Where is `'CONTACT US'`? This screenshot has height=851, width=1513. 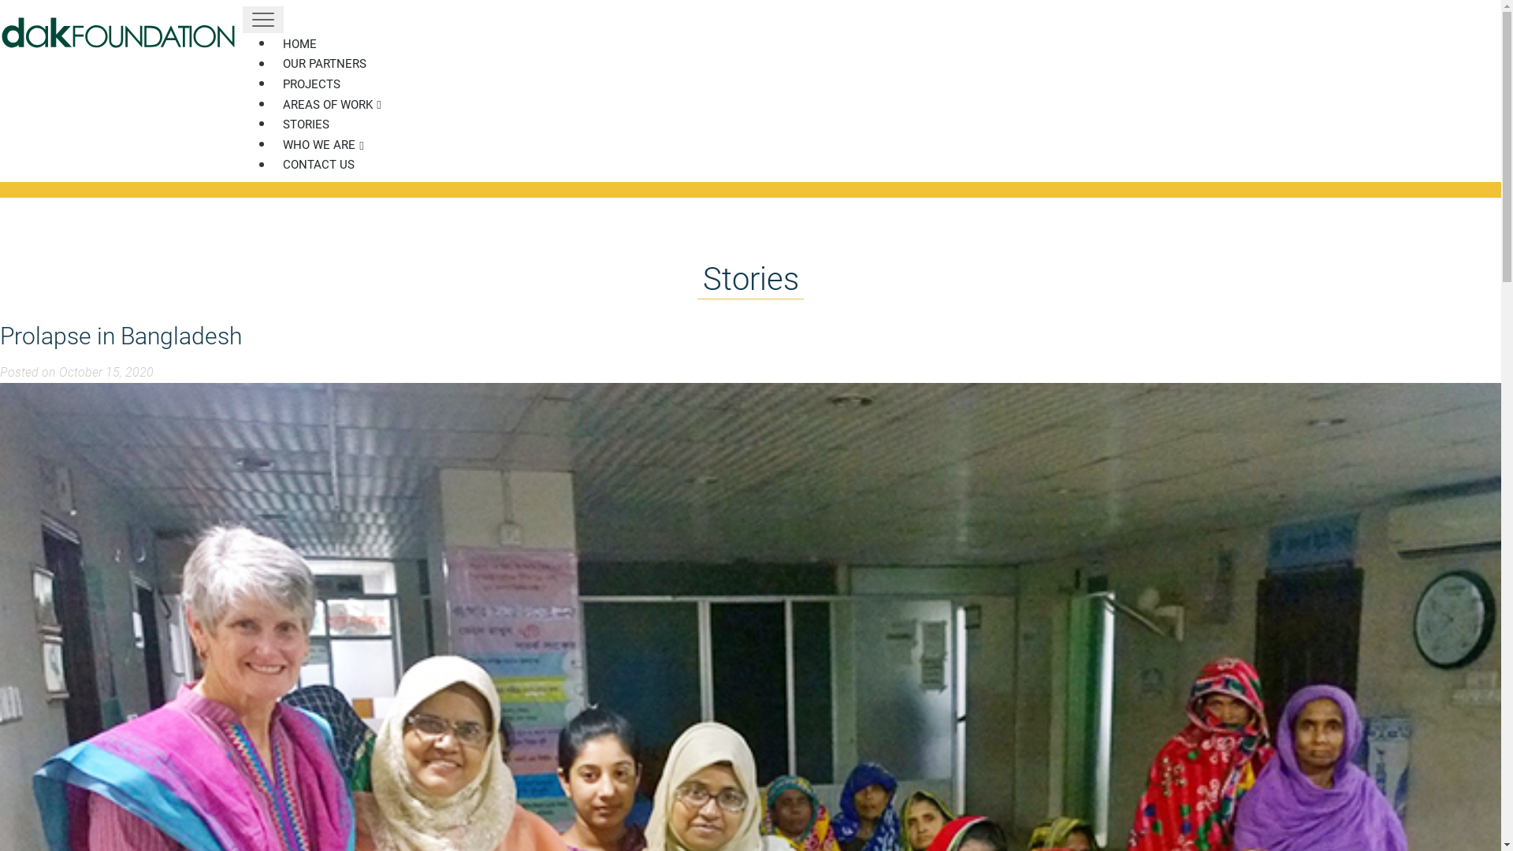
'CONTACT US' is located at coordinates (318, 165).